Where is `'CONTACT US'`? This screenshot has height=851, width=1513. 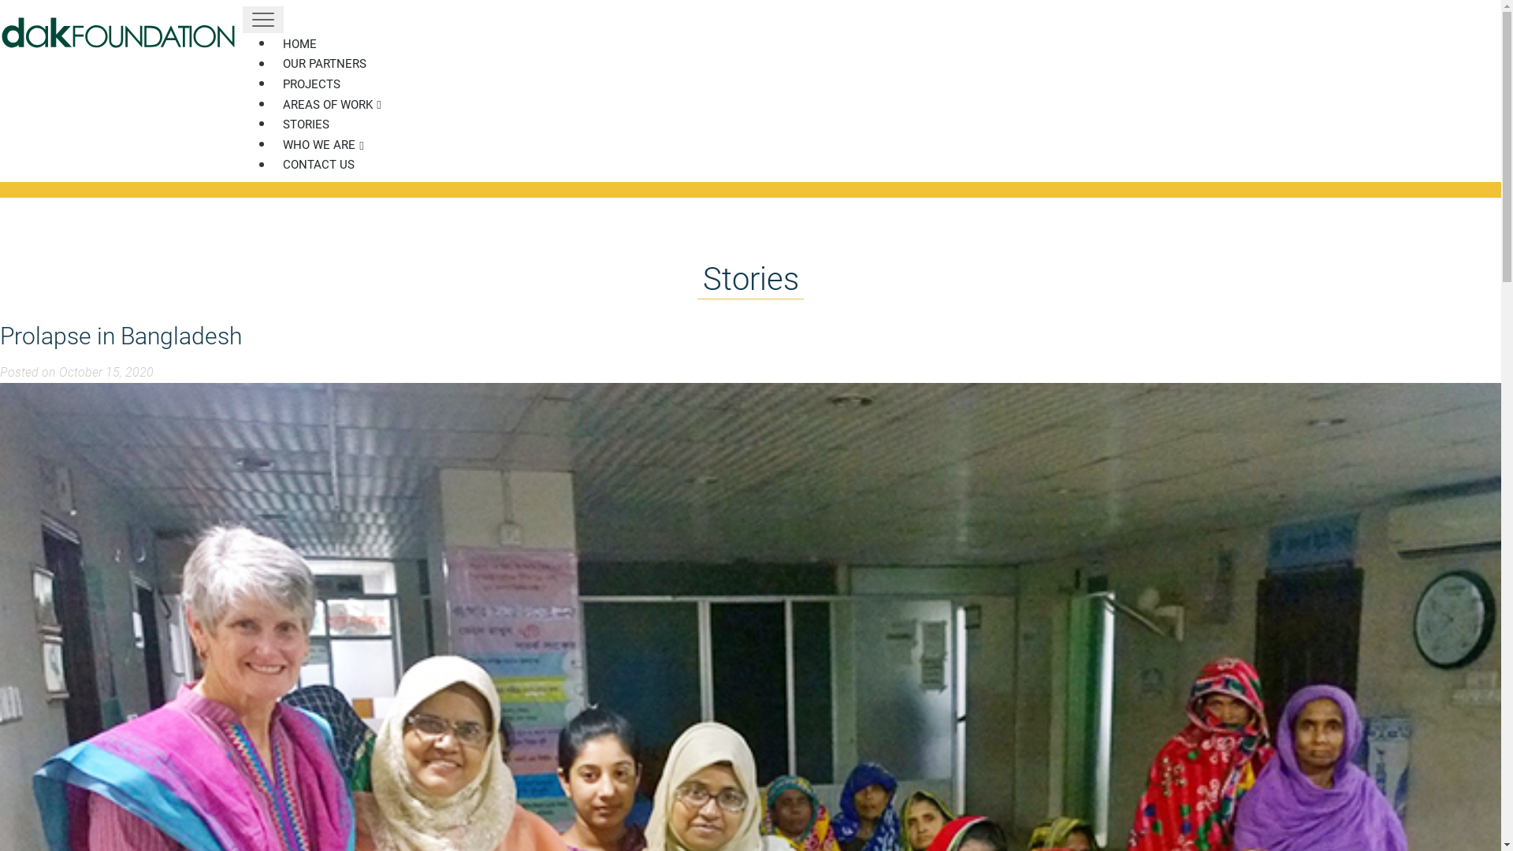
'CONTACT US' is located at coordinates (318, 165).